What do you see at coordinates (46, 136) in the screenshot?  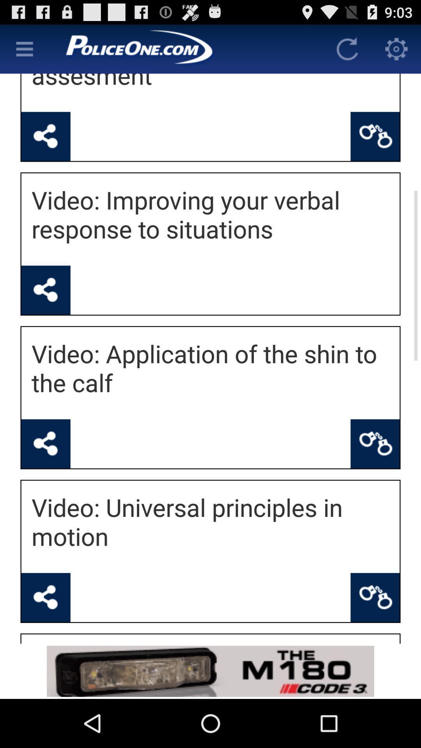 I see `share` at bounding box center [46, 136].